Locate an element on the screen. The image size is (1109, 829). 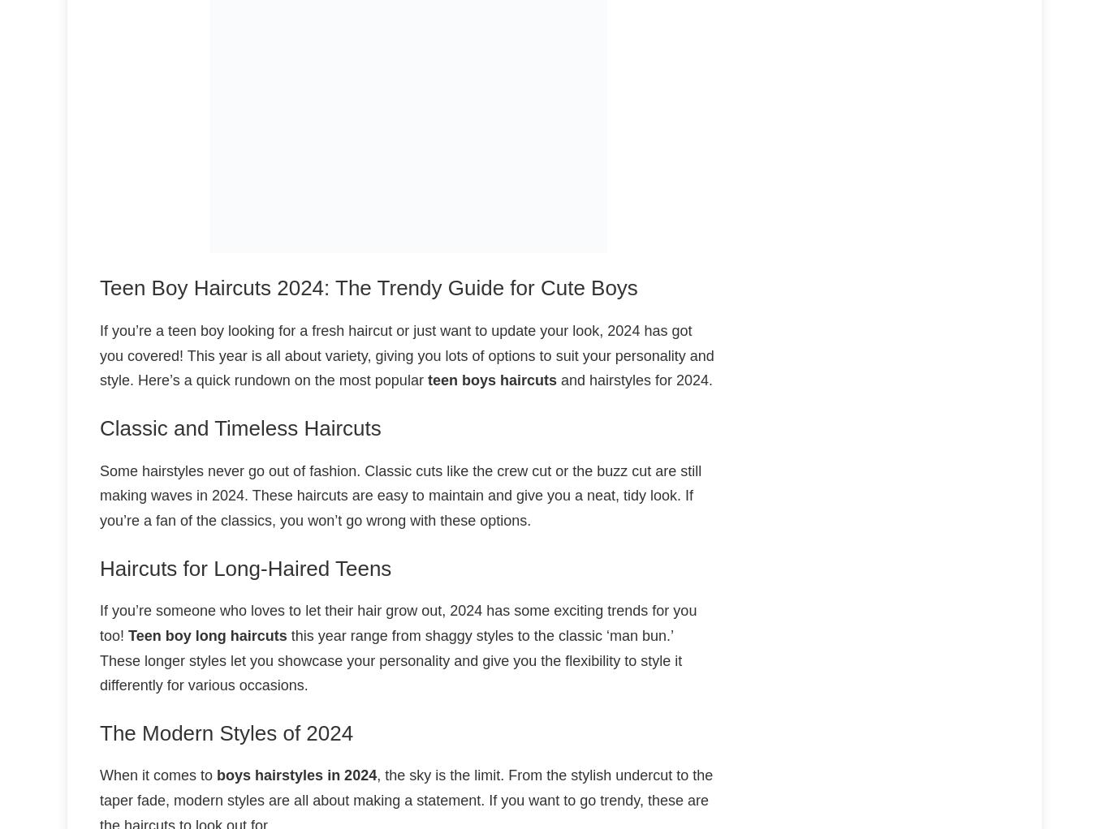
'boys hairstyles in 2024' is located at coordinates (296, 774).